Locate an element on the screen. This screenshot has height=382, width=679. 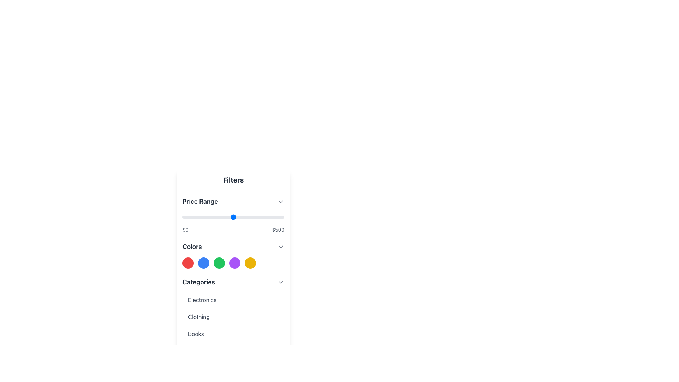
the 'Books' category button located in the filter sidebar under the 'Categories' section is located at coordinates (233, 334).